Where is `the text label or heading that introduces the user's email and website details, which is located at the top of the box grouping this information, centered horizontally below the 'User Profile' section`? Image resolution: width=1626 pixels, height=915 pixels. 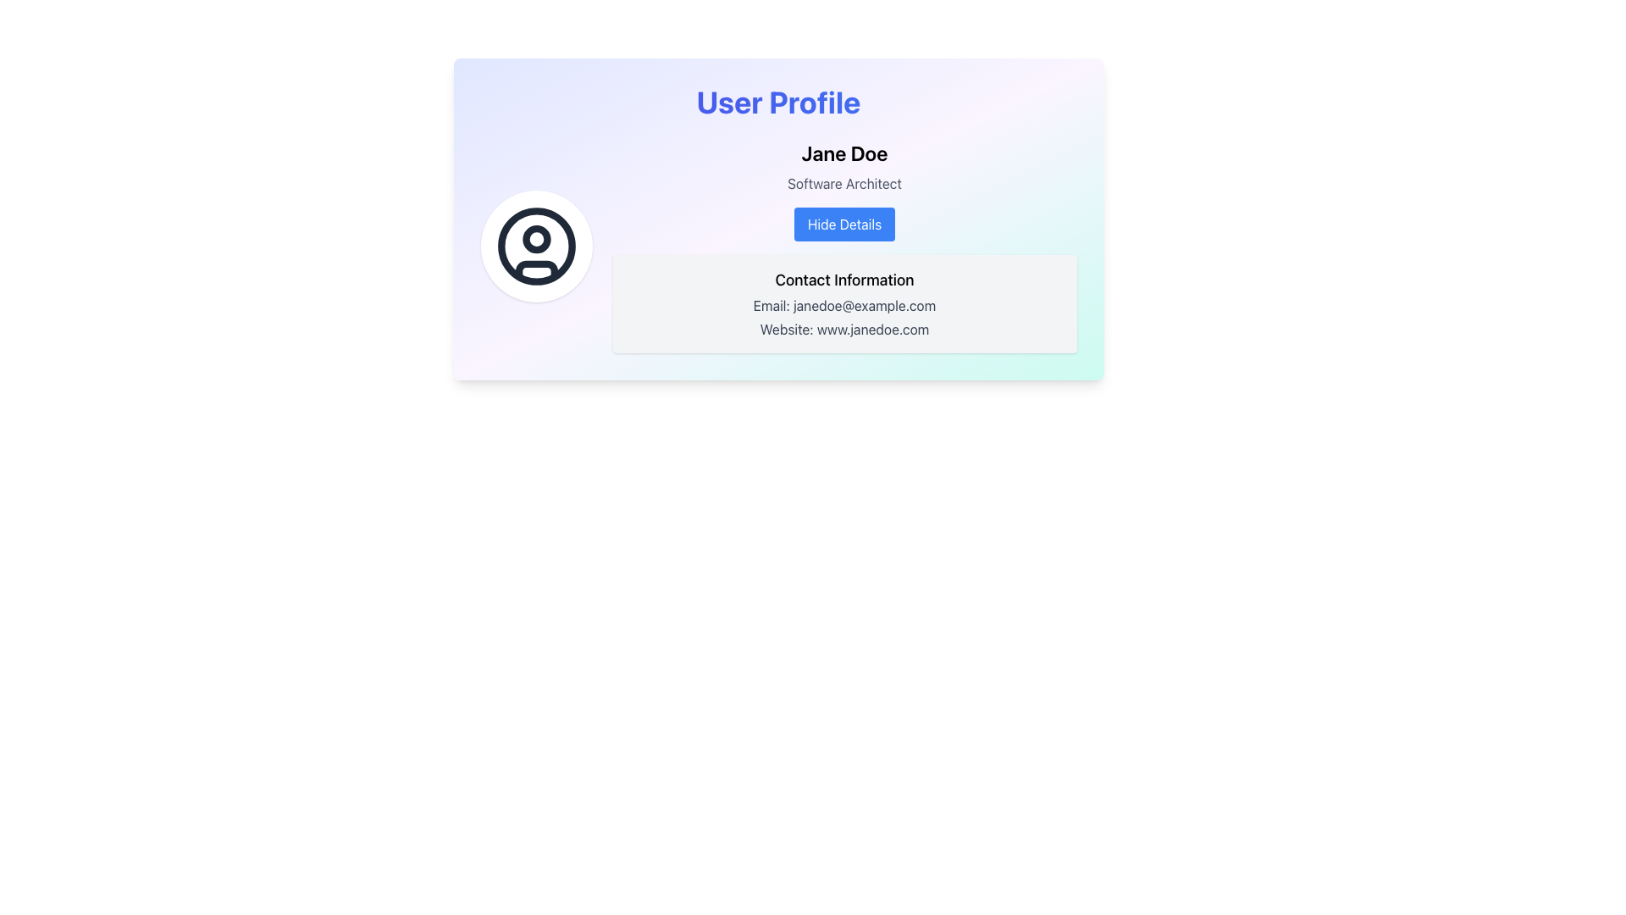
the text label or heading that introduces the user's email and website details, which is located at the top of the box grouping this information, centered horizontally below the 'User Profile' section is located at coordinates (844, 280).